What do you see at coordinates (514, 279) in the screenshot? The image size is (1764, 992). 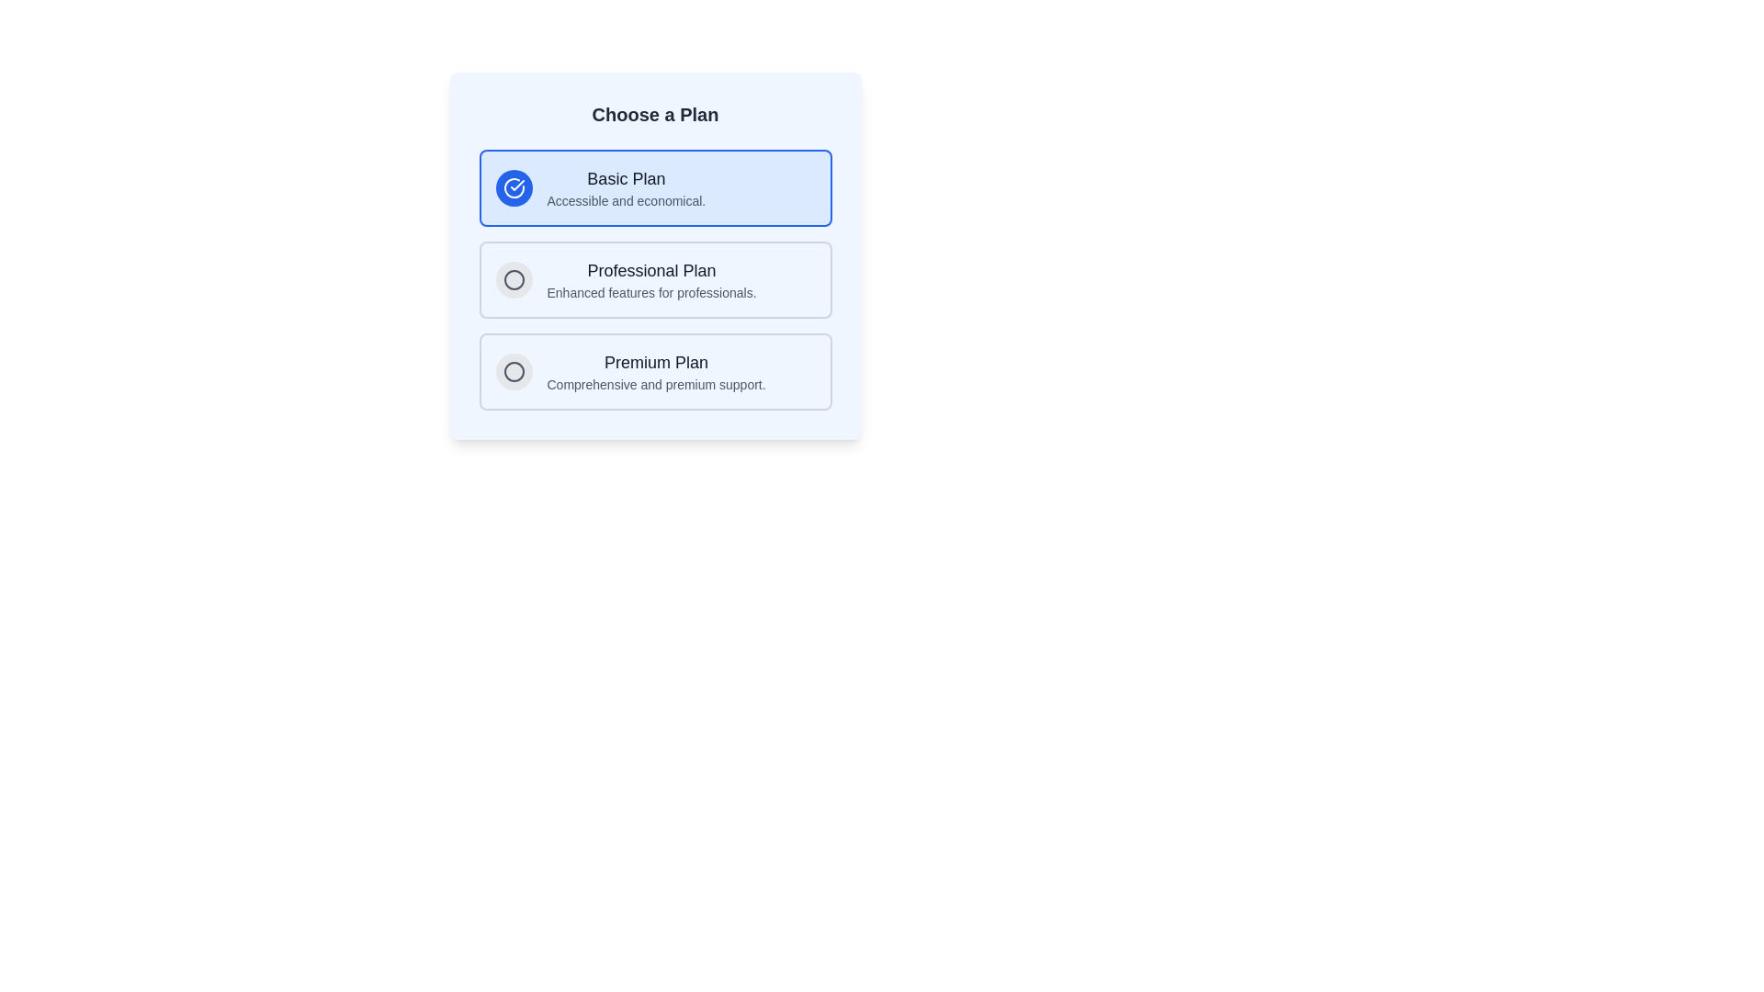 I see `the circular graphical indicator for the 'Professional Plan' option, located in the second row of the plan selection interface` at bounding box center [514, 279].